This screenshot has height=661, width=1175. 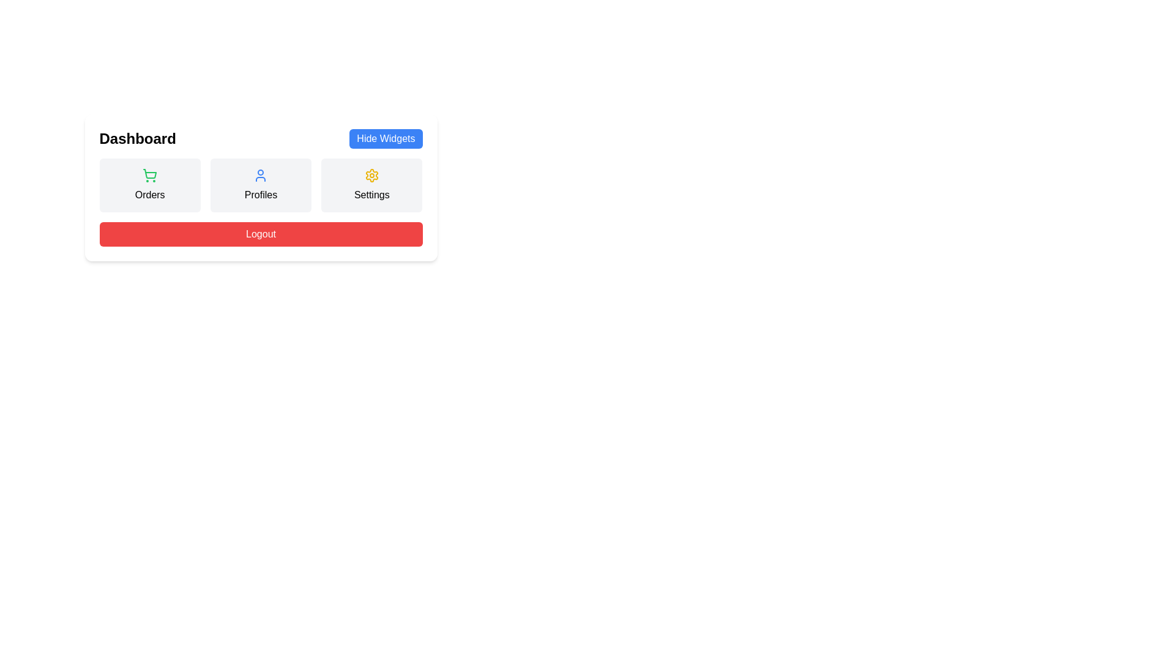 I want to click on the 'Orders' button with a green shopping cart icon, which is the leftmost module in the row of three, so click(x=149, y=185).